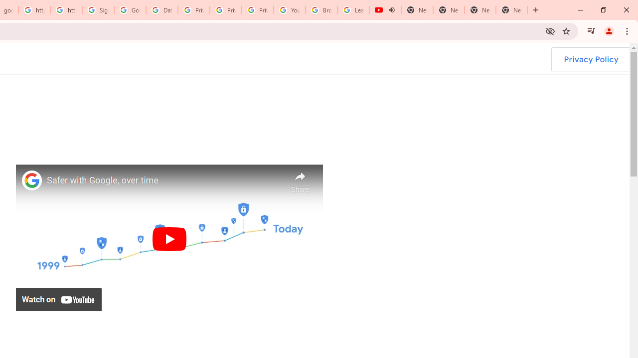 Image resolution: width=638 pixels, height=358 pixels. I want to click on 'Watch on YouTube', so click(58, 299).